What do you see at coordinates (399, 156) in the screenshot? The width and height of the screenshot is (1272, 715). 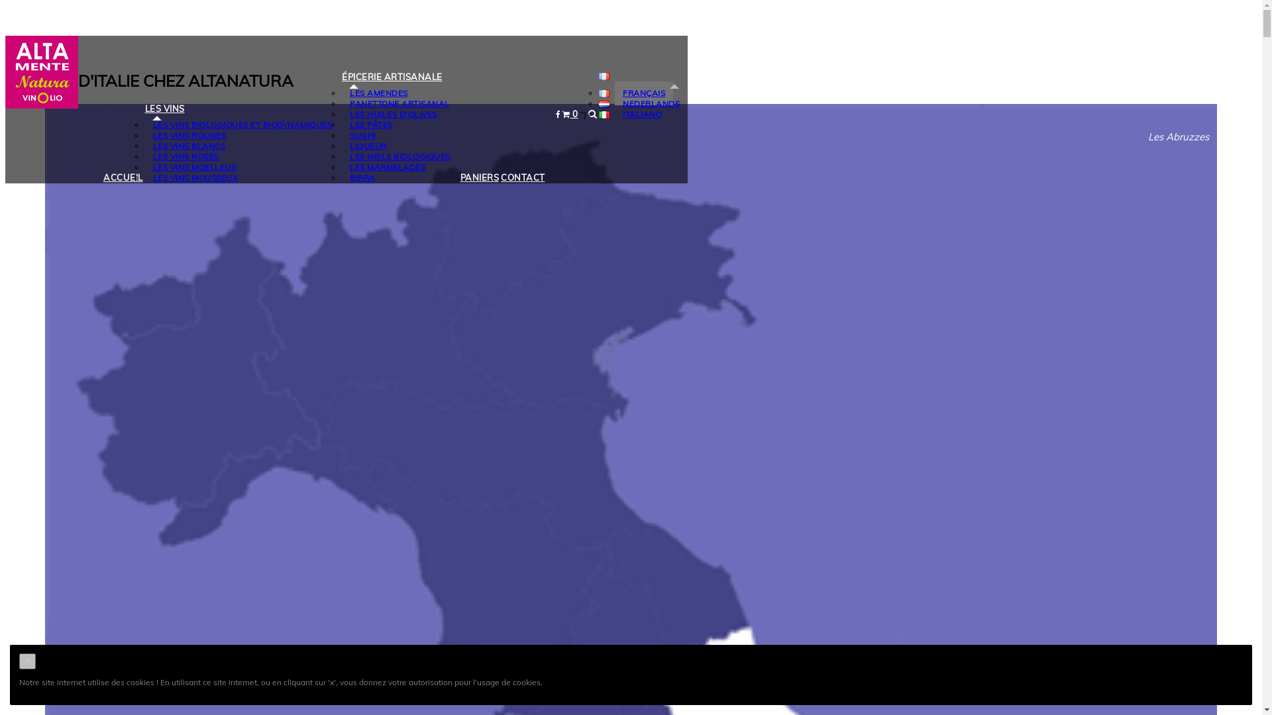 I see `'LES MIELS BIOLOGIQUES'` at bounding box center [399, 156].